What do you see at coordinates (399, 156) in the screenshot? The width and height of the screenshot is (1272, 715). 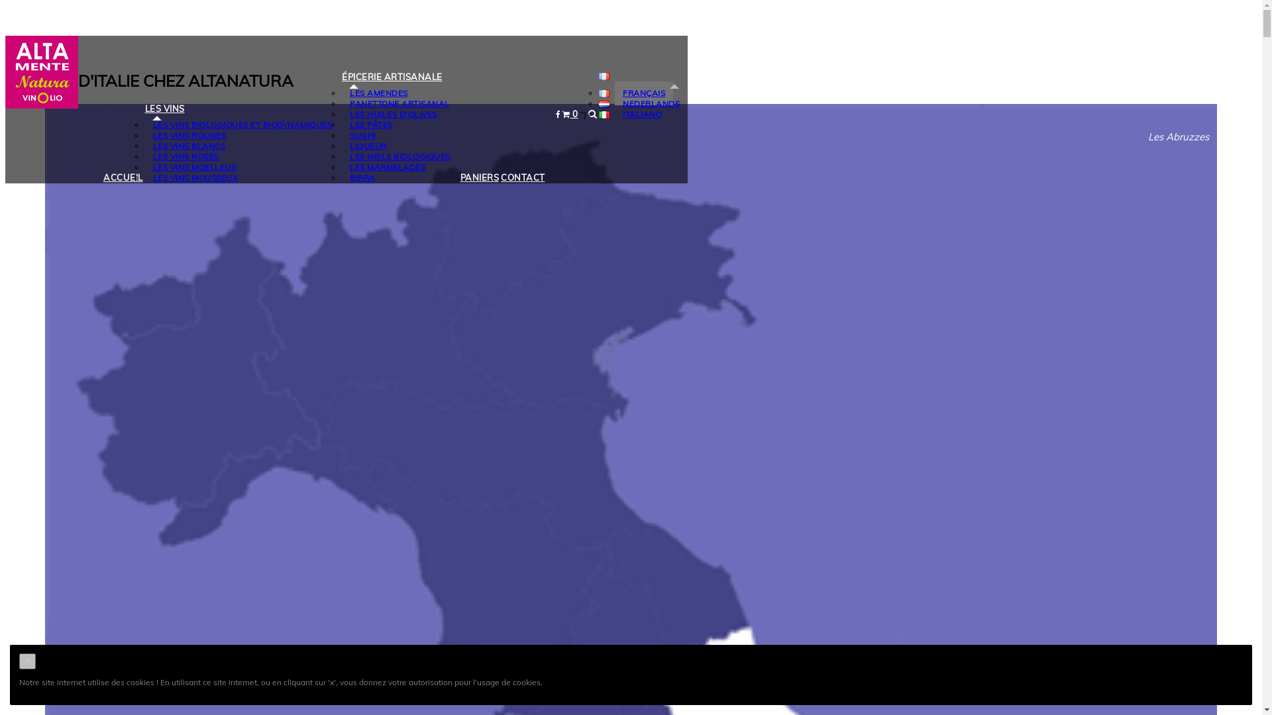 I see `'LES MIELS BIOLOGIQUES'` at bounding box center [399, 156].